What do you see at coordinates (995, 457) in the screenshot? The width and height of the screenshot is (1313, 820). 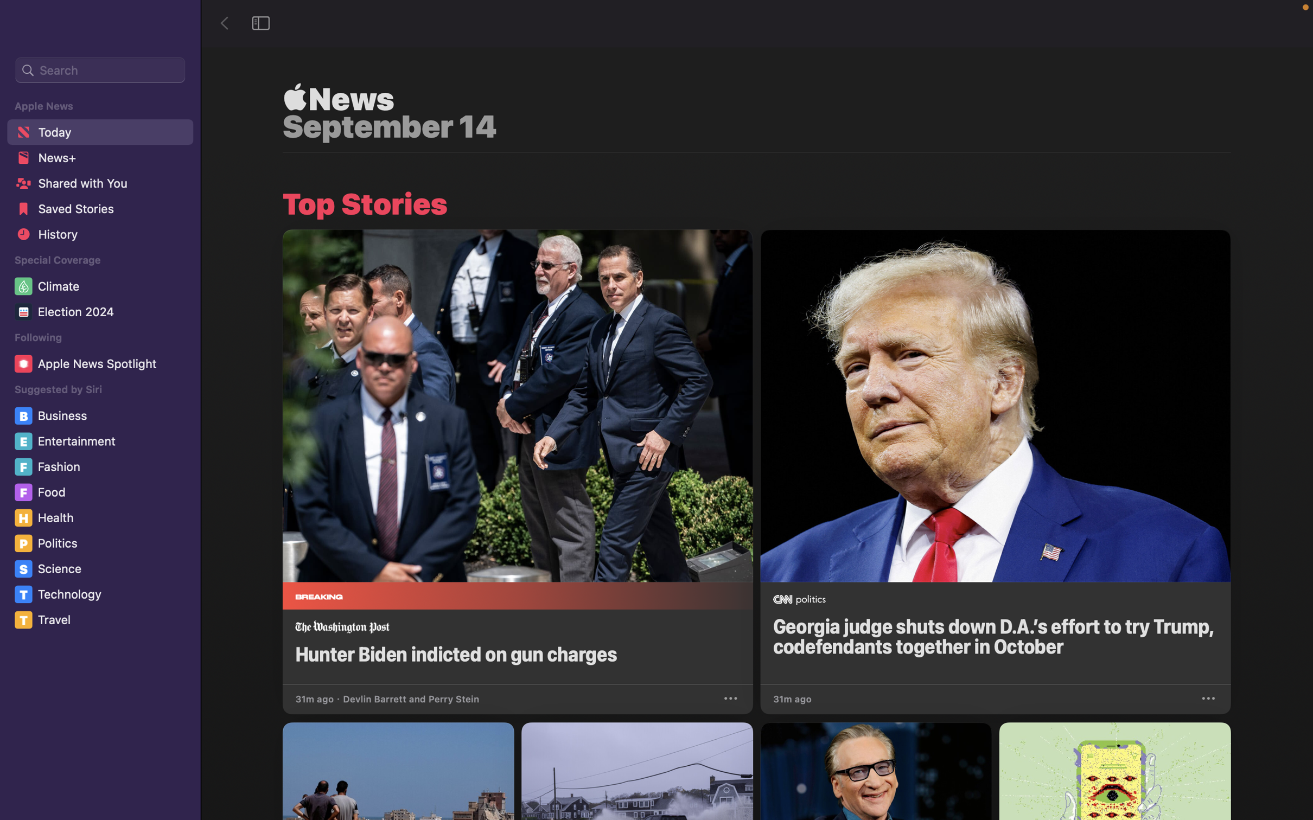 I see `the second story about Georgia judge` at bounding box center [995, 457].